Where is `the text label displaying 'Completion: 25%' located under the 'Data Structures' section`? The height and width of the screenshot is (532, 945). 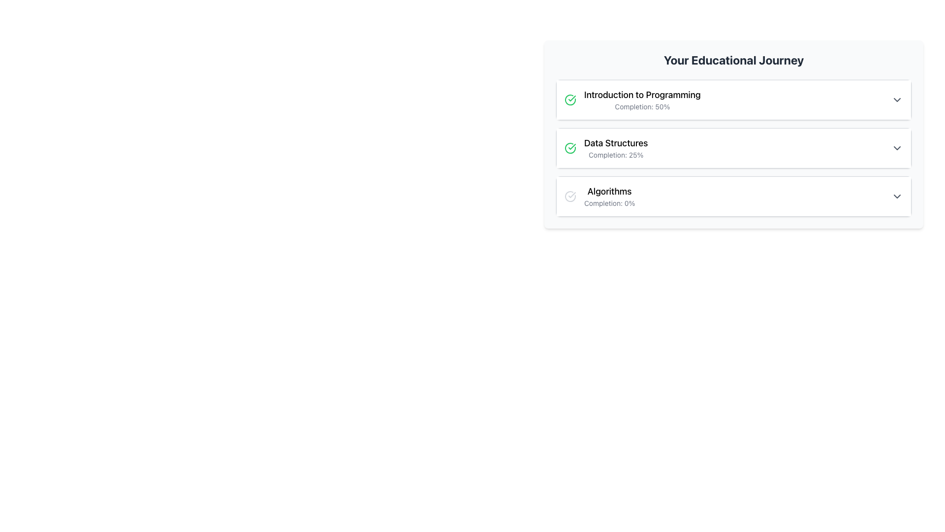 the text label displaying 'Completion: 25%' located under the 'Data Structures' section is located at coordinates (615, 155).